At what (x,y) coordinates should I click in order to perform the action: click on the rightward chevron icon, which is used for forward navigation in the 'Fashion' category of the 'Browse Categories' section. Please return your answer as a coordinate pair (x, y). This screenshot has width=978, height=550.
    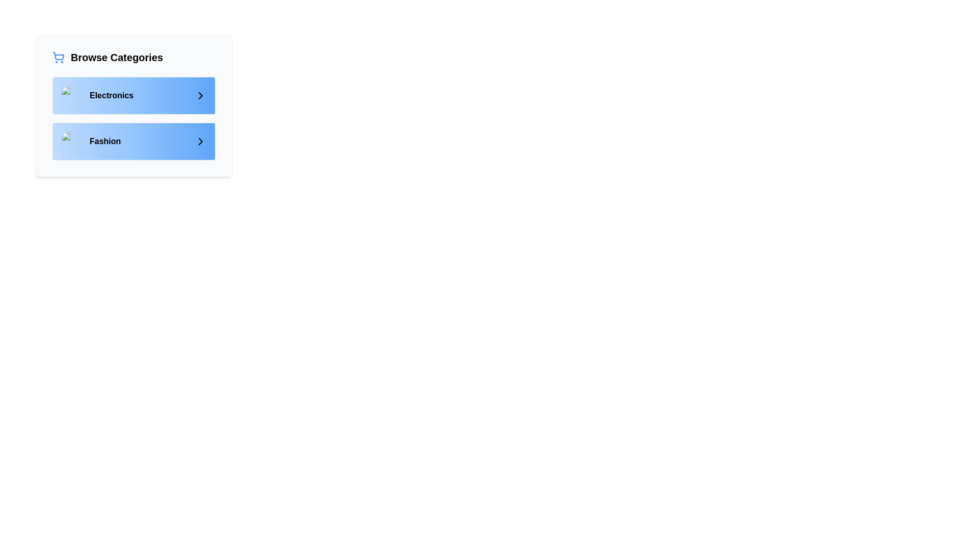
    Looking at the image, I should click on (200, 141).